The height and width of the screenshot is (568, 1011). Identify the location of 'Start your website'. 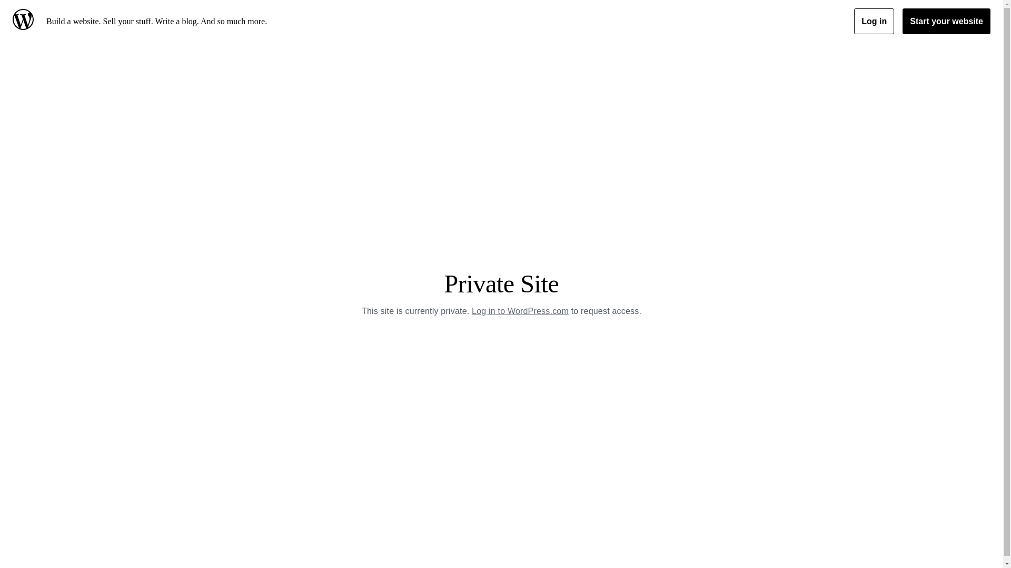
(946, 21).